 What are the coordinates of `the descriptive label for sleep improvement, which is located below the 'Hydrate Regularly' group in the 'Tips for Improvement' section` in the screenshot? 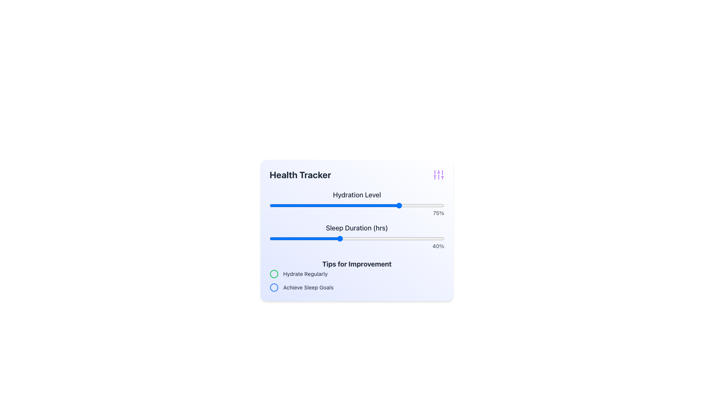 It's located at (308, 287).